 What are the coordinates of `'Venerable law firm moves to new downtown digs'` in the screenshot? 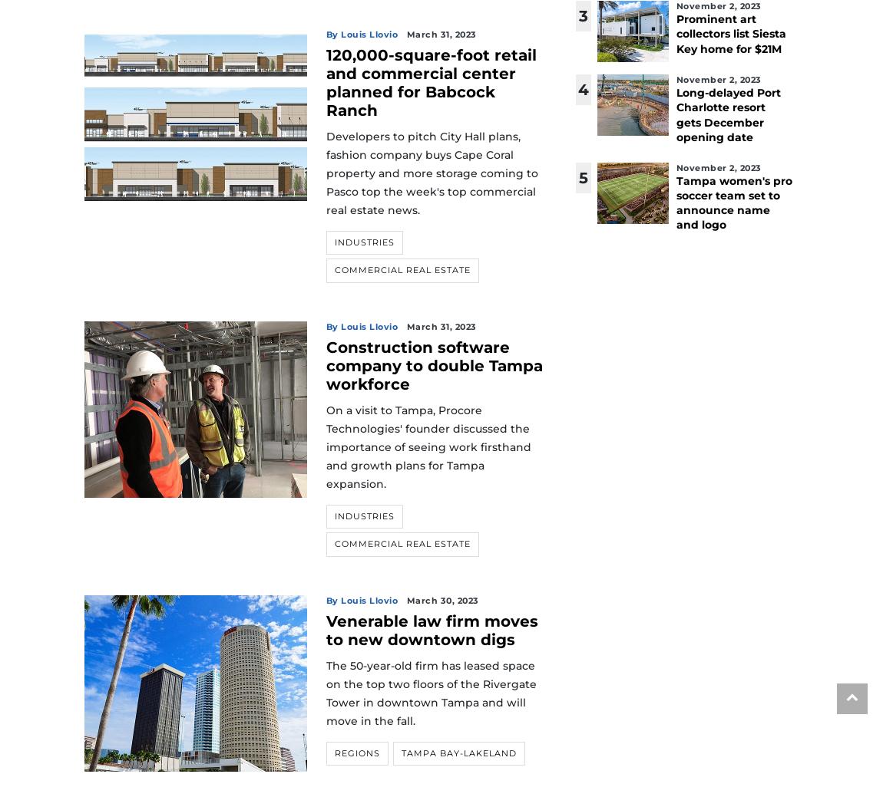 It's located at (326, 629).